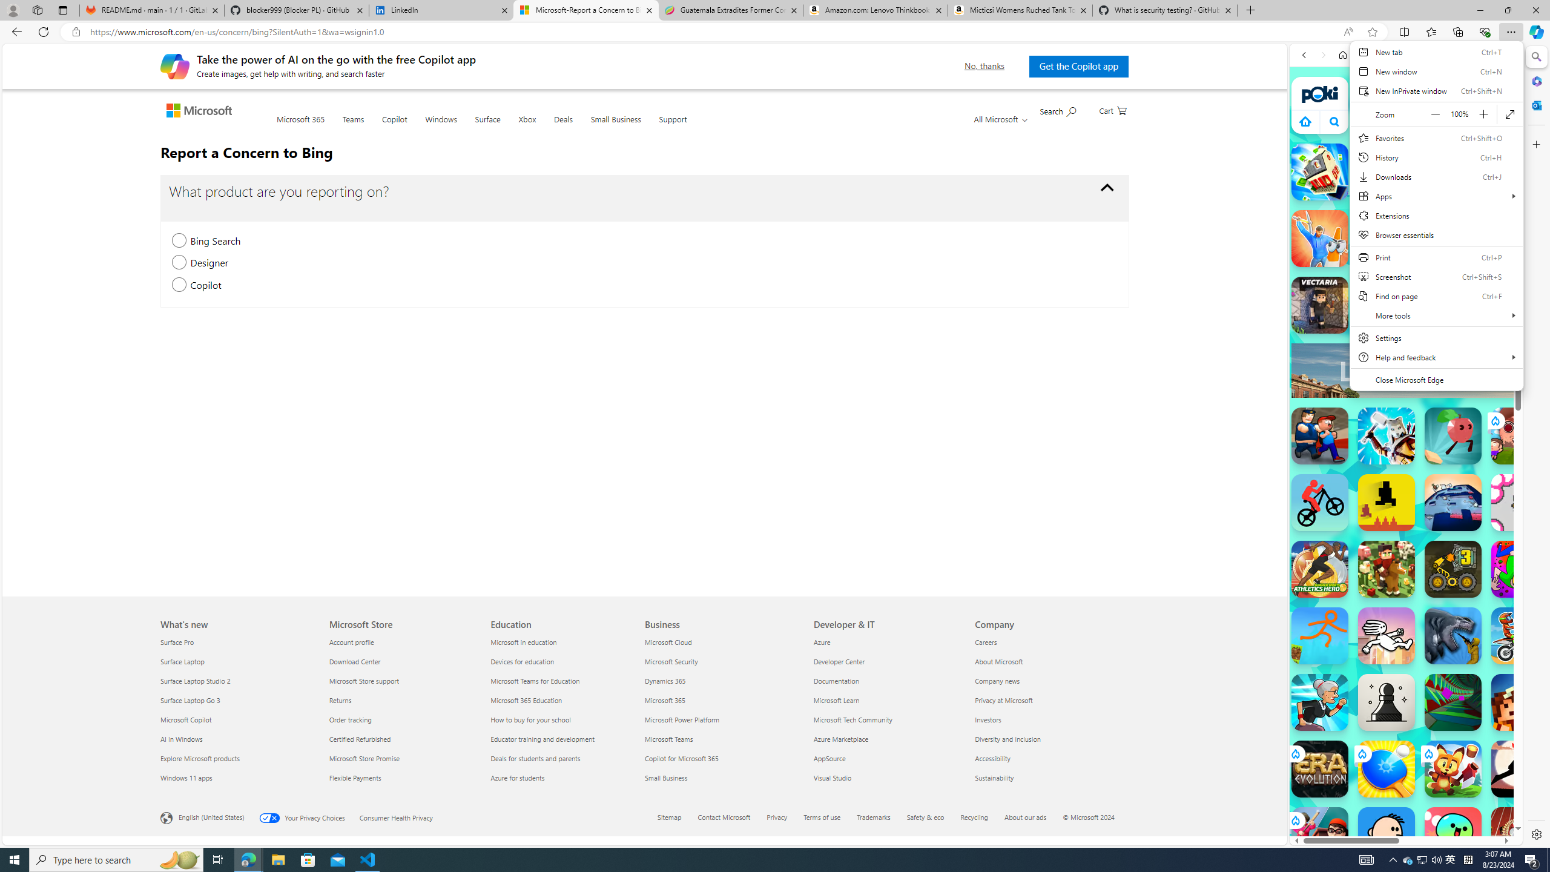  What do you see at coordinates (1453, 635) in the screenshot?
I see `'Sharkosaurus Rampage'` at bounding box center [1453, 635].